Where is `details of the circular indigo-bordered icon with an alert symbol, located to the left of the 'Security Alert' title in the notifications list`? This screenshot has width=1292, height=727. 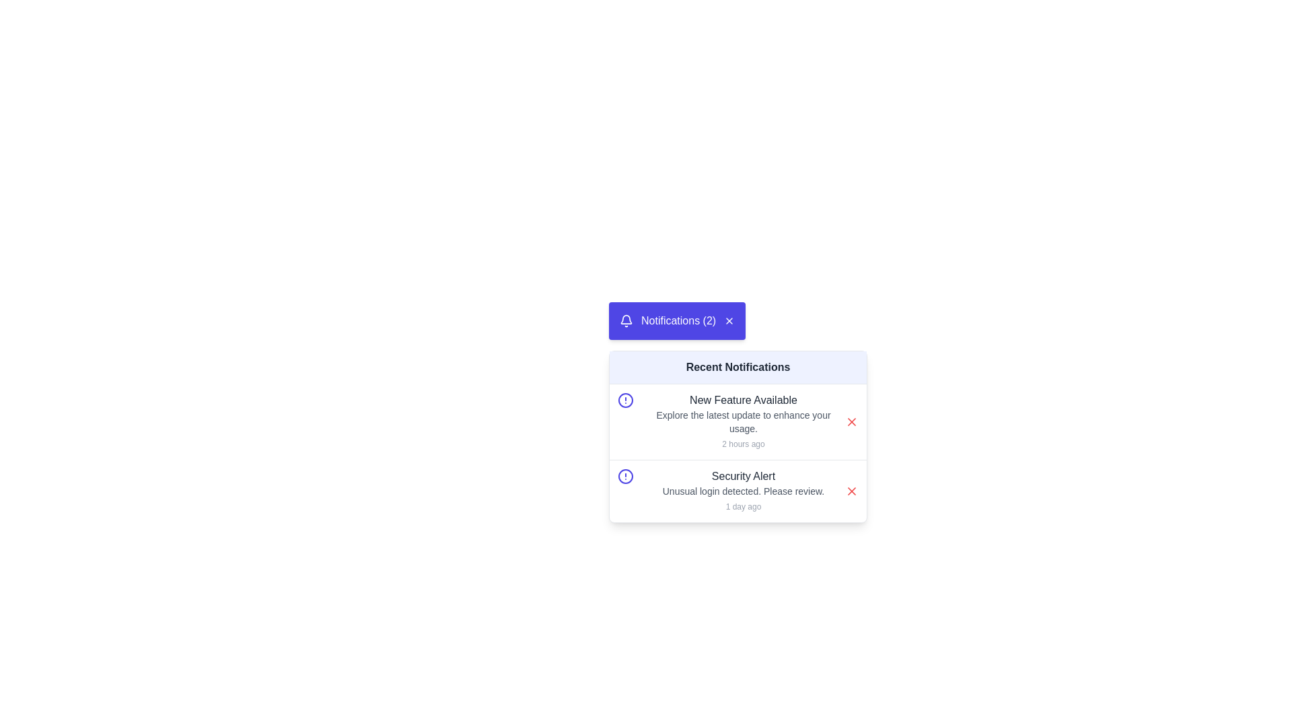
details of the circular indigo-bordered icon with an alert symbol, located to the left of the 'Security Alert' title in the notifications list is located at coordinates (625, 476).